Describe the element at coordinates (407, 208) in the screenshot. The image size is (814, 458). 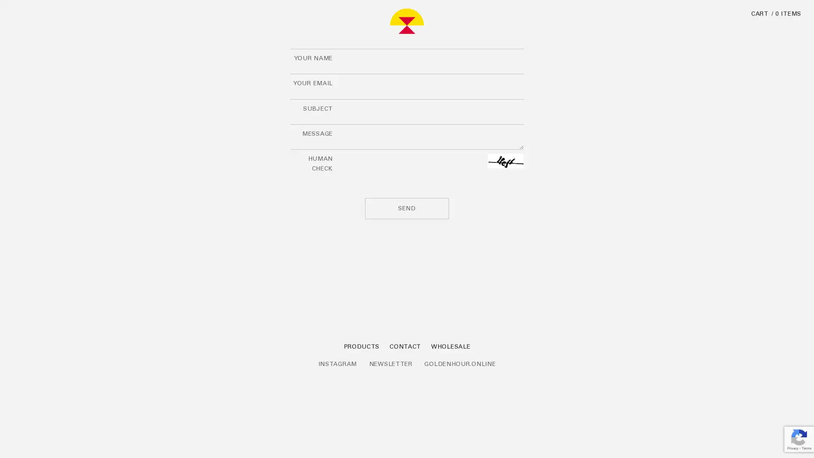
I see `SEND` at that location.